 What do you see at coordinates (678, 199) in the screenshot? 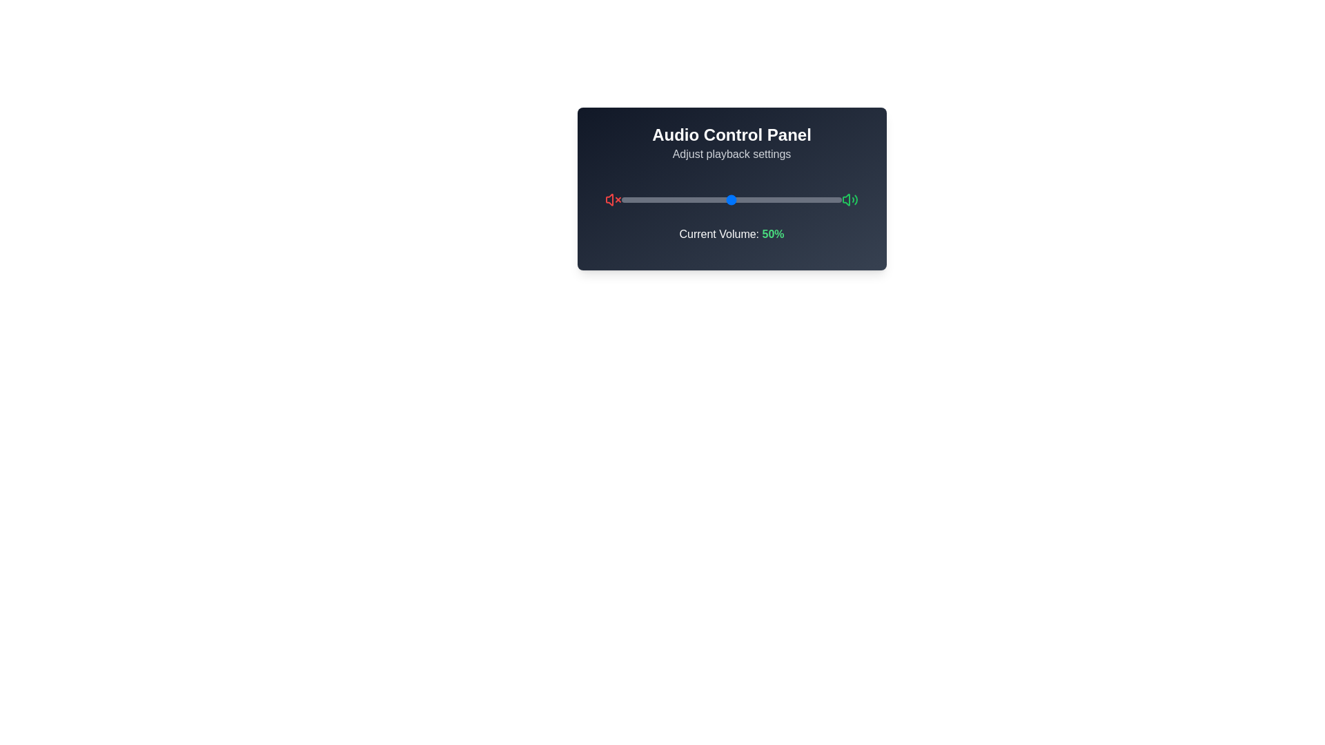
I see `the volume slider to set the volume to 26%` at bounding box center [678, 199].